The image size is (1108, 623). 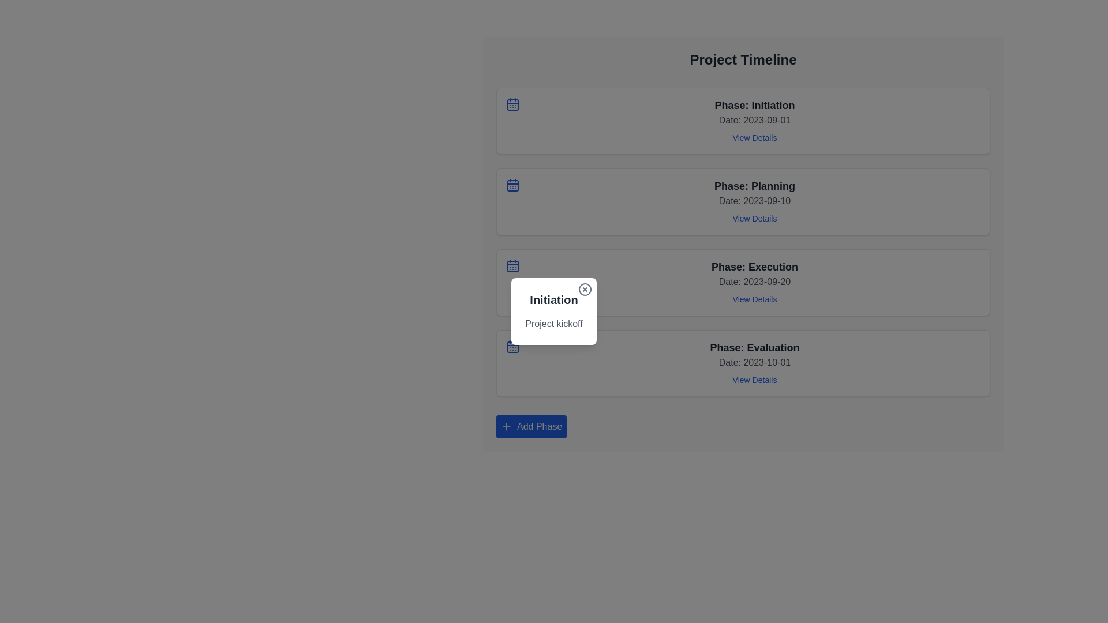 I want to click on the button labeled 'Add Phase' located at the bottom of the 'Project Timeline' section, so click(x=531, y=427).